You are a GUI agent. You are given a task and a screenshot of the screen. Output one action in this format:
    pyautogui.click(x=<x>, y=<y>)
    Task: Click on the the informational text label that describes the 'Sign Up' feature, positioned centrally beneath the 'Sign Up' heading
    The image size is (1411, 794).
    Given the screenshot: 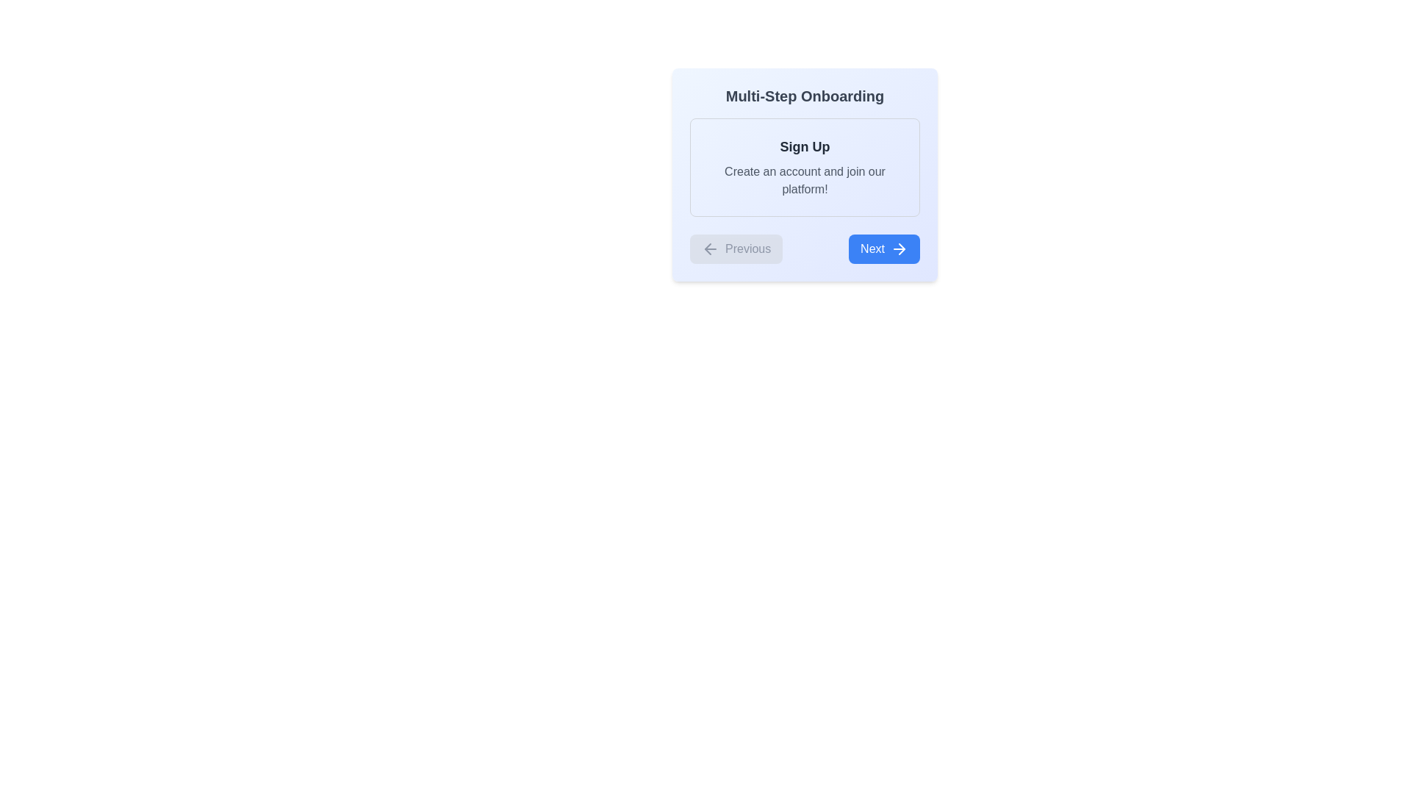 What is the action you would take?
    pyautogui.click(x=804, y=180)
    